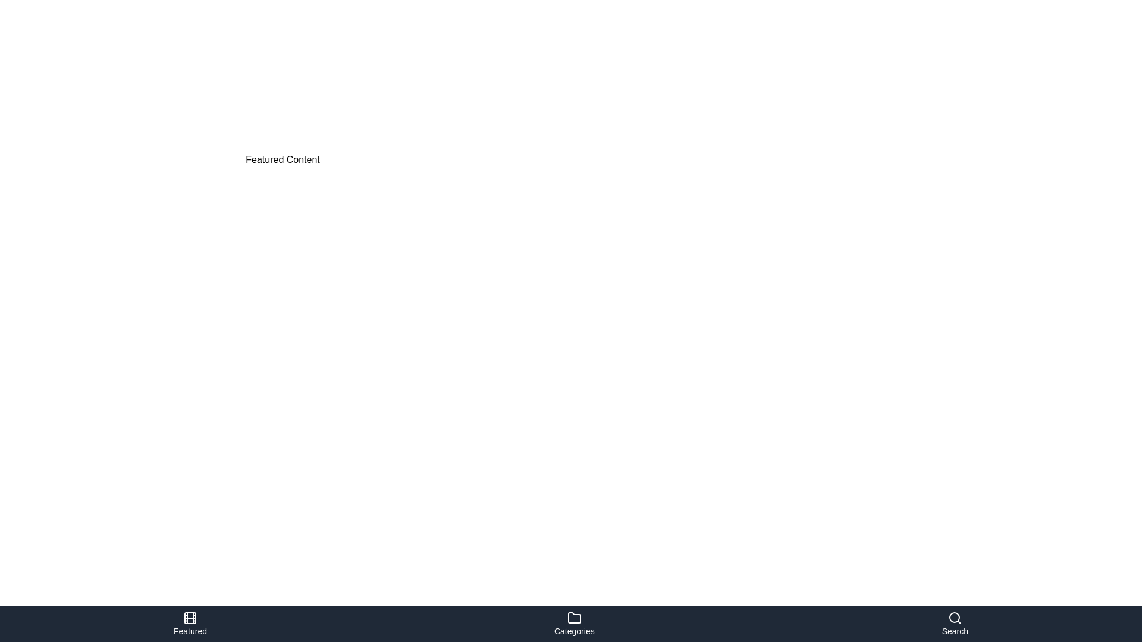 The width and height of the screenshot is (1142, 642). What do you see at coordinates (954, 616) in the screenshot?
I see `the SVG circle shape representing the lens of the magnifying glass in the search icon located at the extreme right of the bottom navigation bar` at bounding box center [954, 616].